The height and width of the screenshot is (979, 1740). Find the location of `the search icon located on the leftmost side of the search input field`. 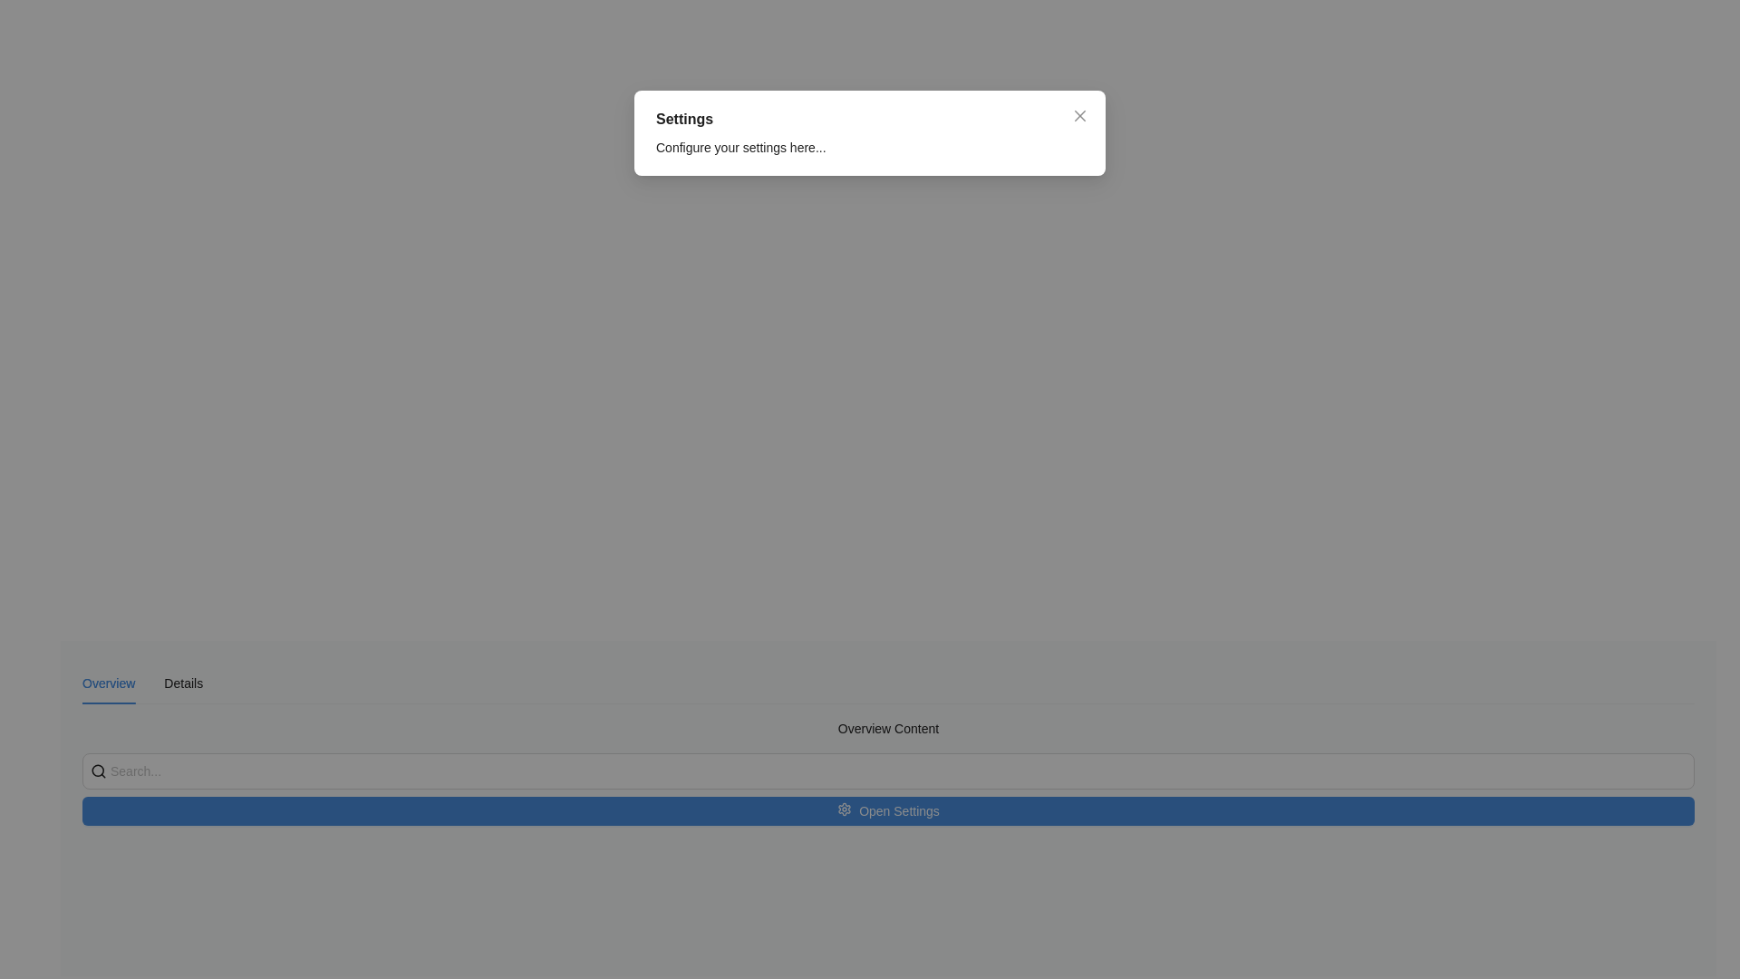

the search icon located on the leftmost side of the search input field is located at coordinates (98, 771).